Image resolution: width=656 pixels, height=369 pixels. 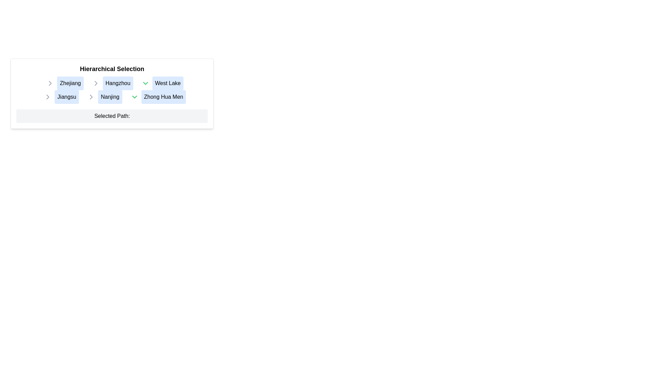 I want to click on the Right Arrow Icon, which serves as a navigation indicator for exploring further details related to 'Nanjing Zhong Hua Men', so click(x=91, y=97).